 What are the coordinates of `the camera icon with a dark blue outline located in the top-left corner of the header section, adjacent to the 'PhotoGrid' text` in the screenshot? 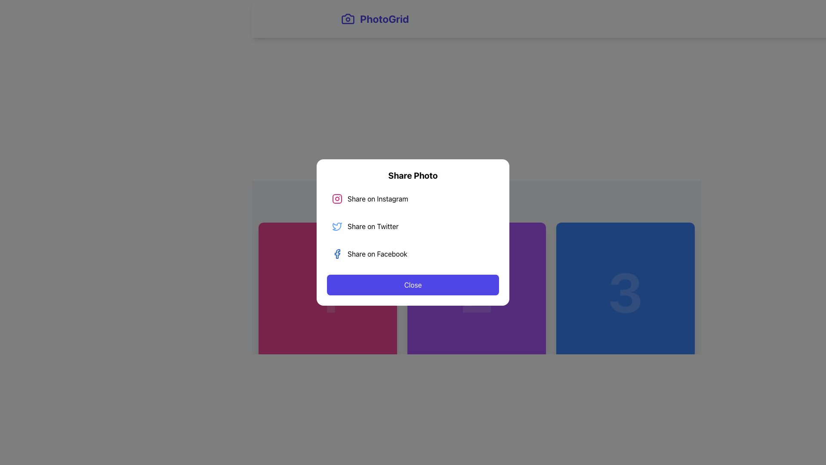 It's located at (348, 19).